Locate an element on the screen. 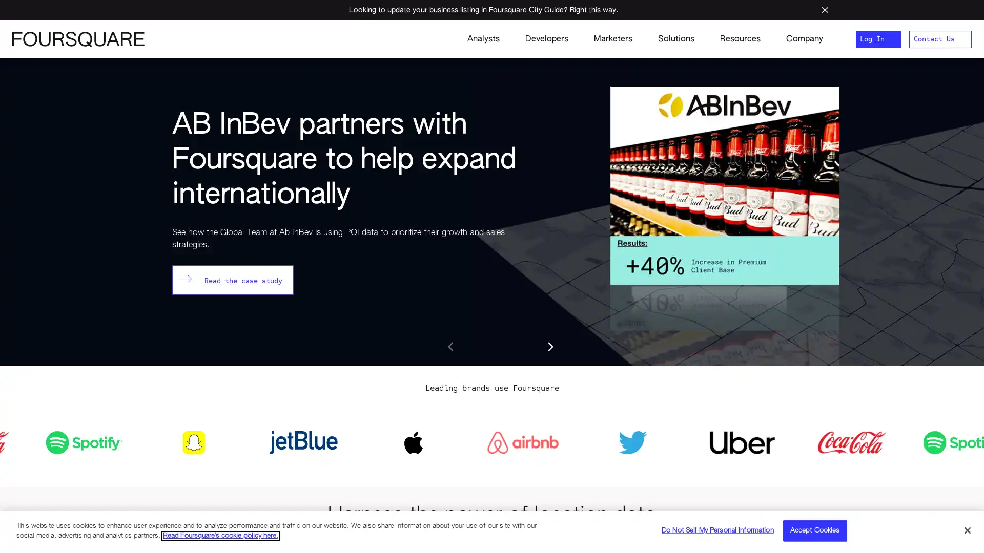 This screenshot has height=553, width=984. close is located at coordinates (825, 10).